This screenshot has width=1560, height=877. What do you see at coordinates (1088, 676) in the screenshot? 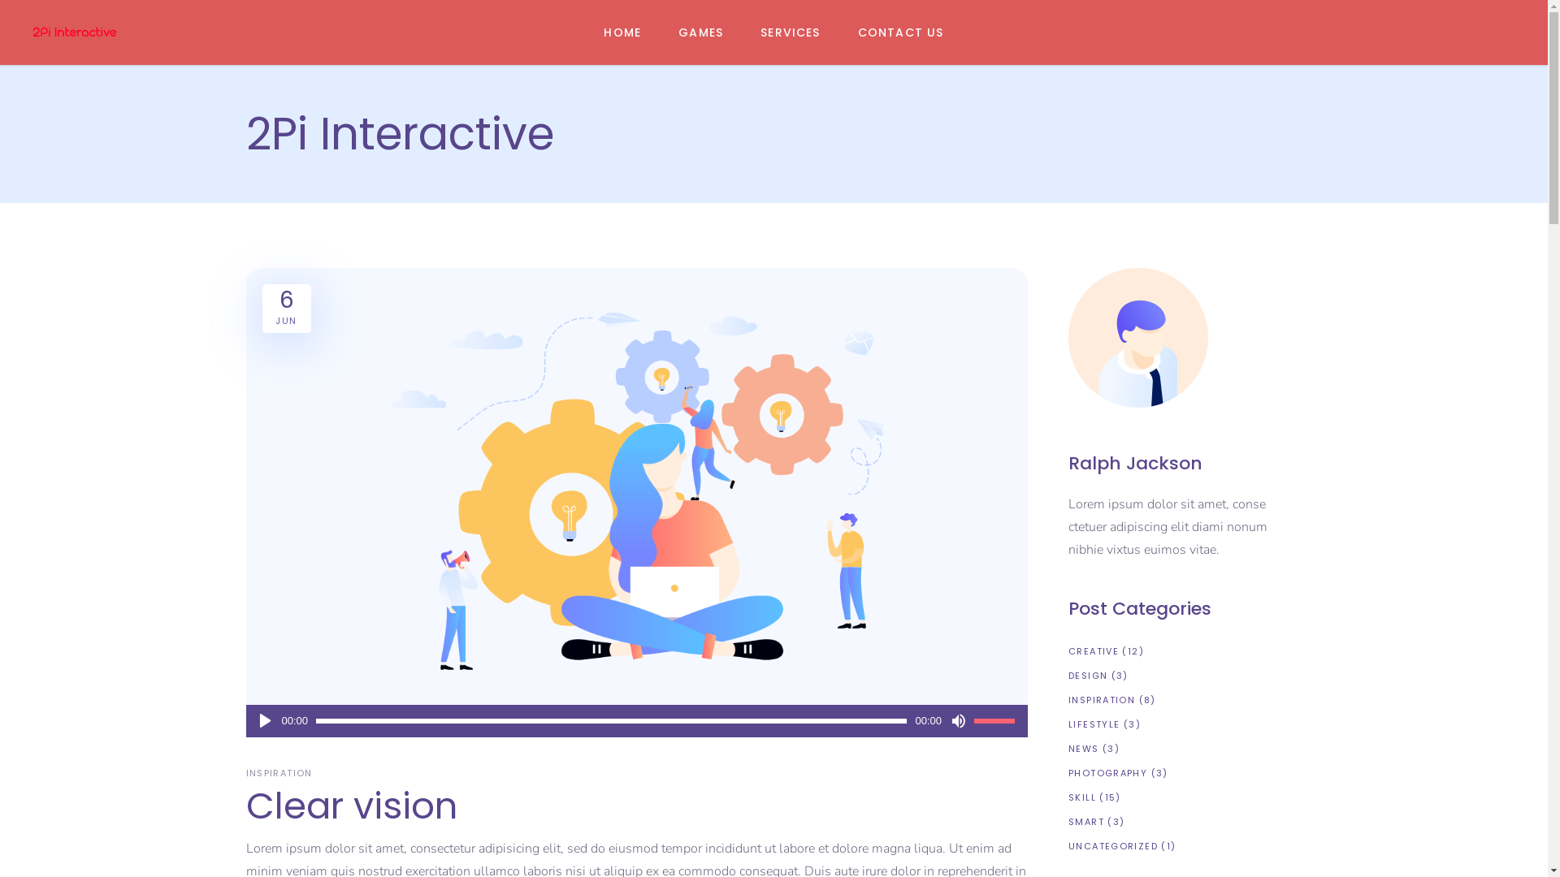
I see `'DESIGN'` at bounding box center [1088, 676].